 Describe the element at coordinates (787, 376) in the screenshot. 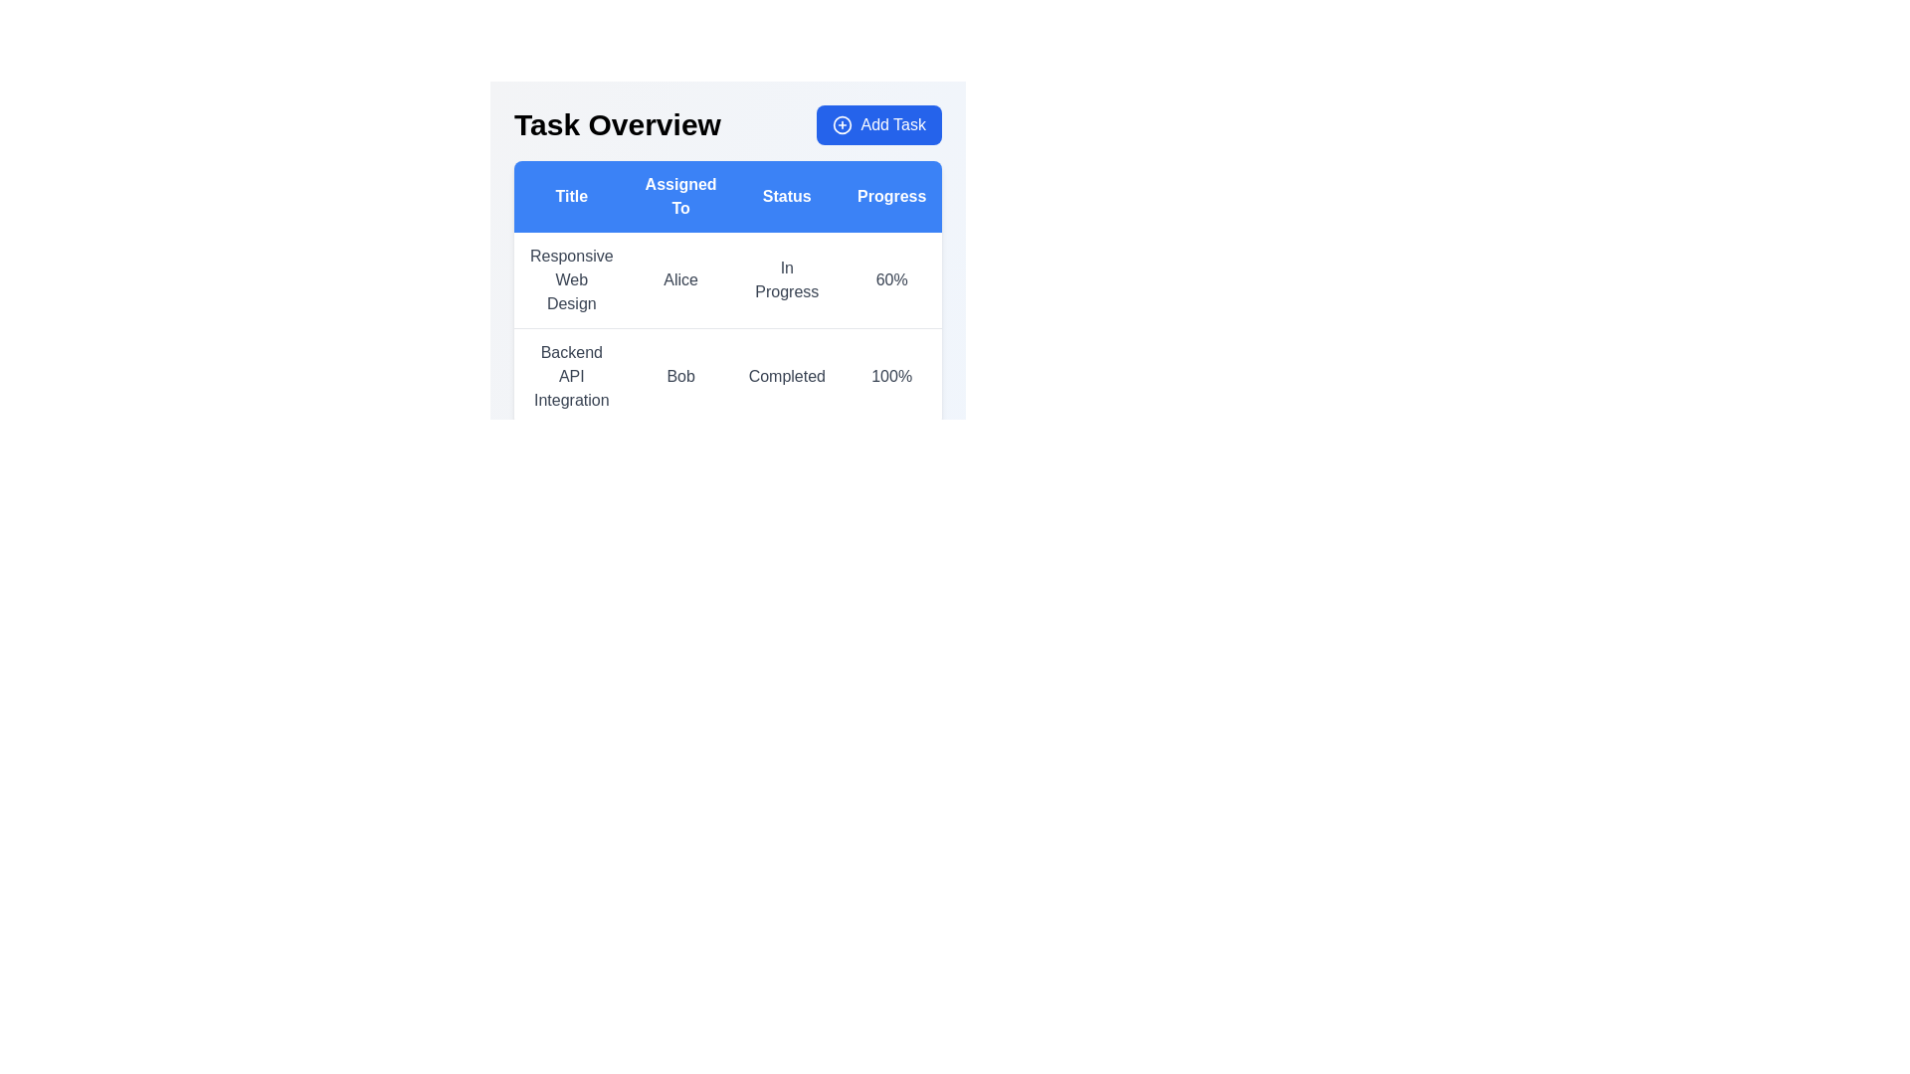

I see `the second row of the table that provides information about a specific task, located beneath the 'Responsive Web Design' row` at that location.